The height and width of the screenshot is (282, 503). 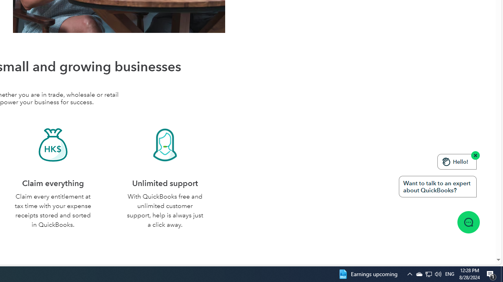 What do you see at coordinates (446, 161) in the screenshot?
I see `'hand-icon'` at bounding box center [446, 161].